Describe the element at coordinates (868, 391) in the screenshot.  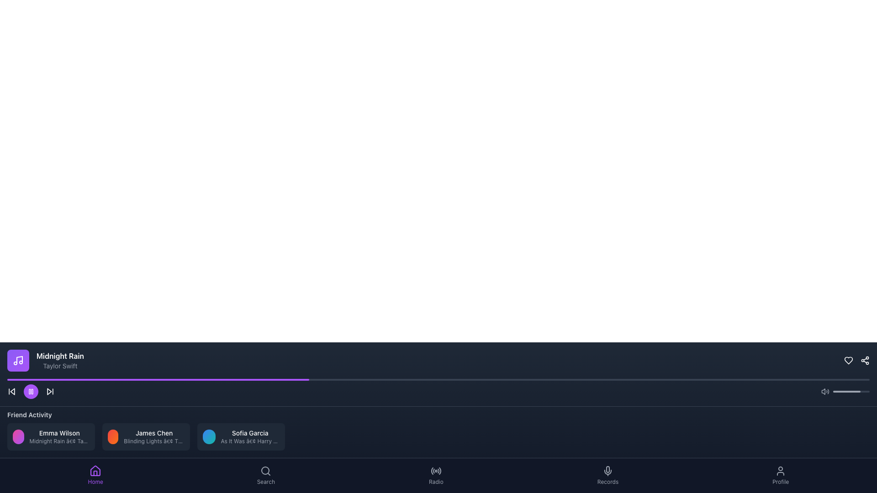
I see `the volume slider` at that location.